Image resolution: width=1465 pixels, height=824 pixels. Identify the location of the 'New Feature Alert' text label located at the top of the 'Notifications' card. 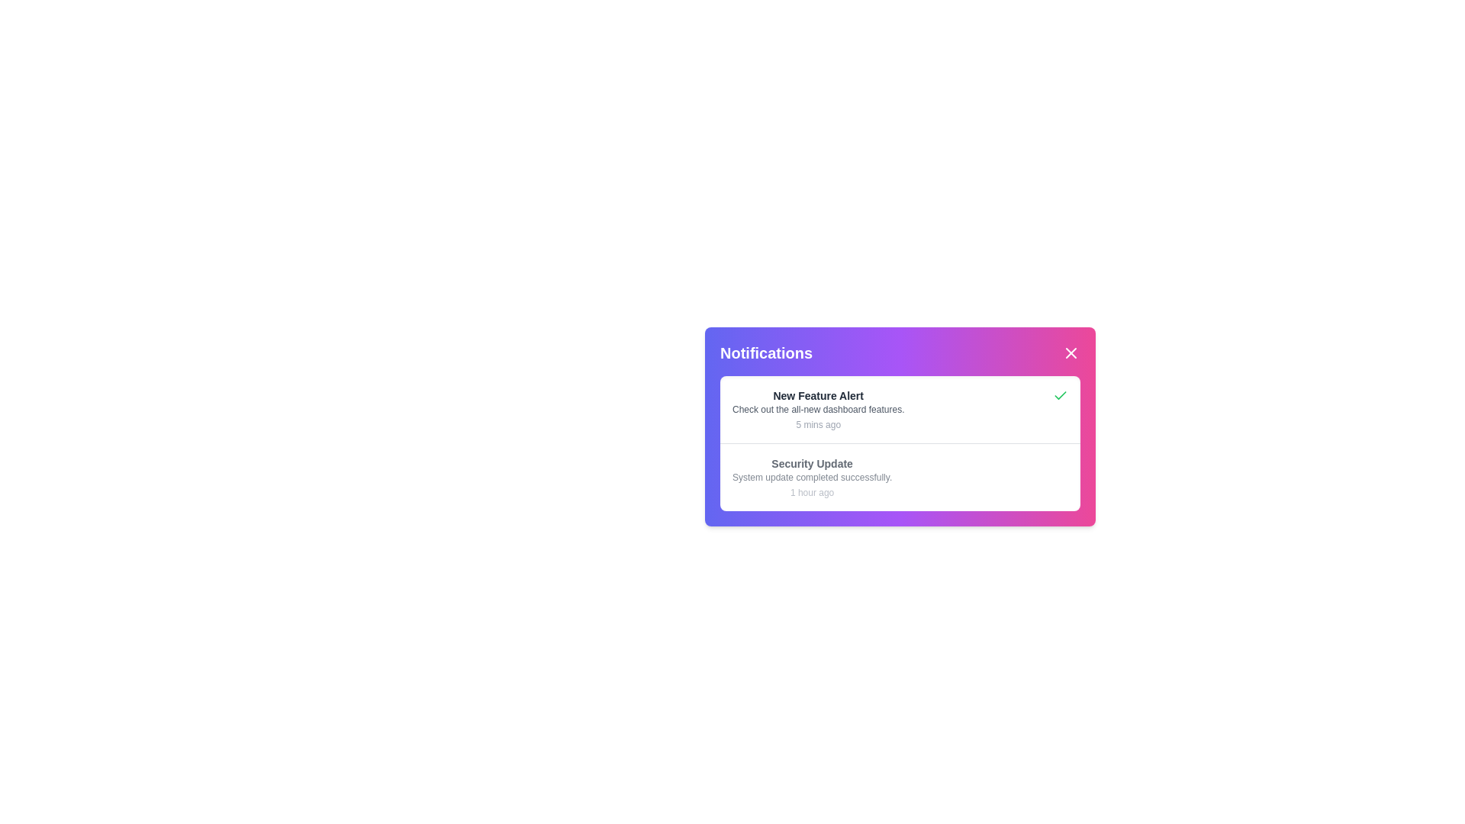
(817, 395).